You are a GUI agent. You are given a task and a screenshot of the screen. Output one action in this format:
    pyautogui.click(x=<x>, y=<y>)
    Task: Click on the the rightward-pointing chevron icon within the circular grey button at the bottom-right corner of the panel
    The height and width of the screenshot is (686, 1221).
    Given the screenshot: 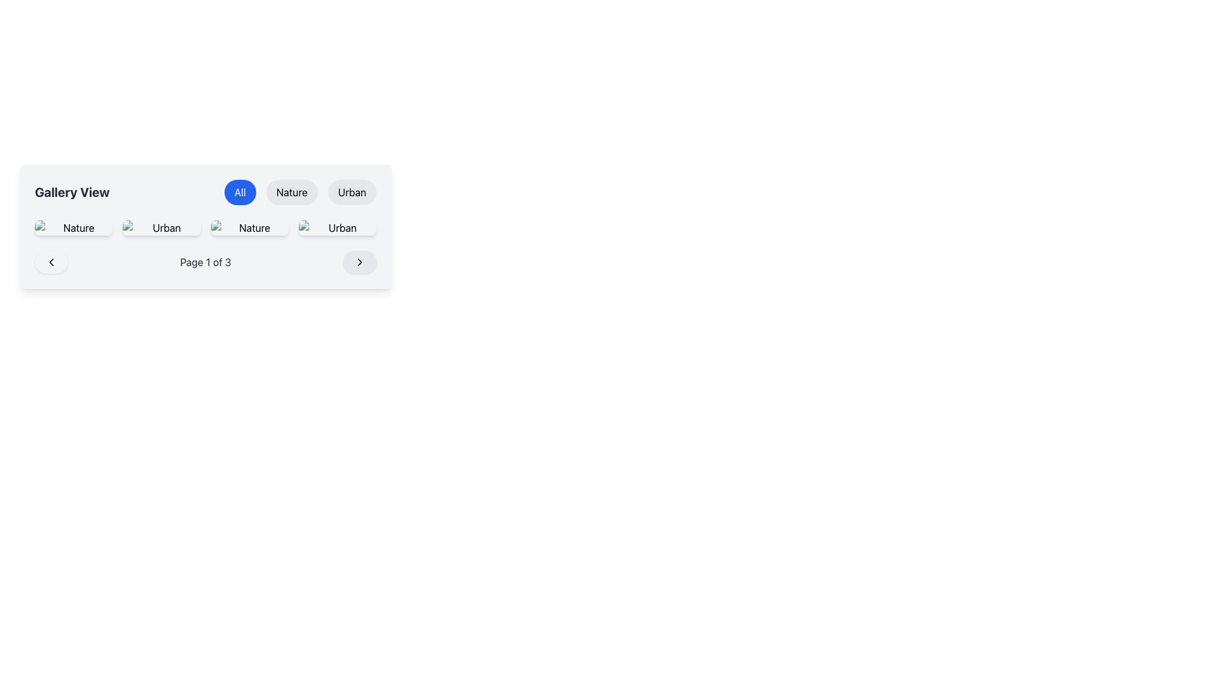 What is the action you would take?
    pyautogui.click(x=359, y=261)
    